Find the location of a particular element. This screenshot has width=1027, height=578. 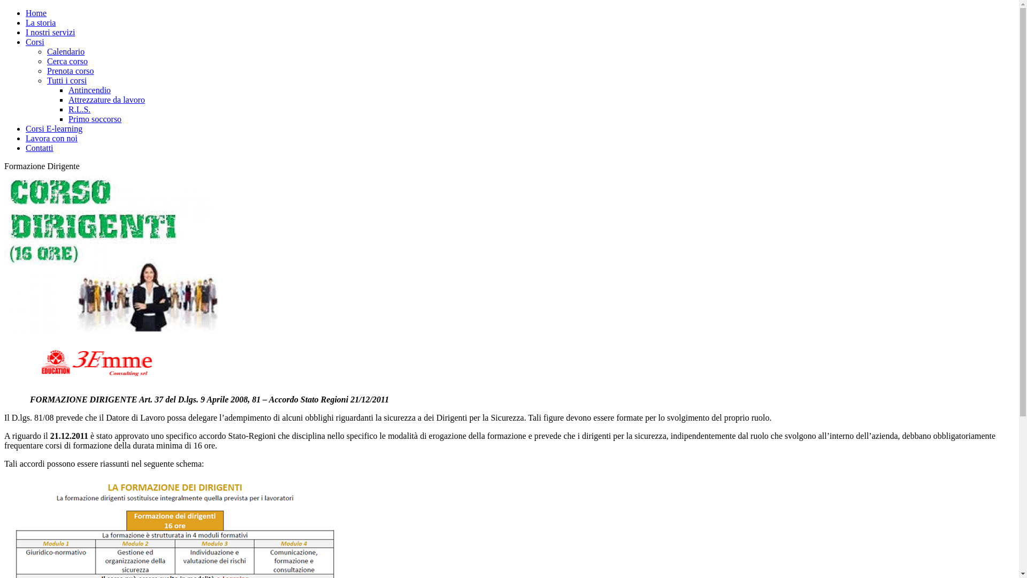

'Corsi E-learning' is located at coordinates (53, 128).